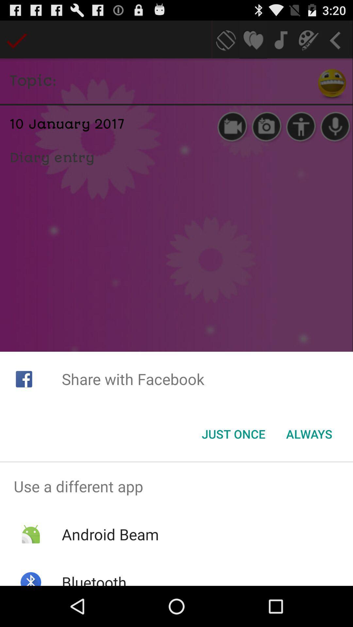  I want to click on the bluetooth, so click(94, 579).